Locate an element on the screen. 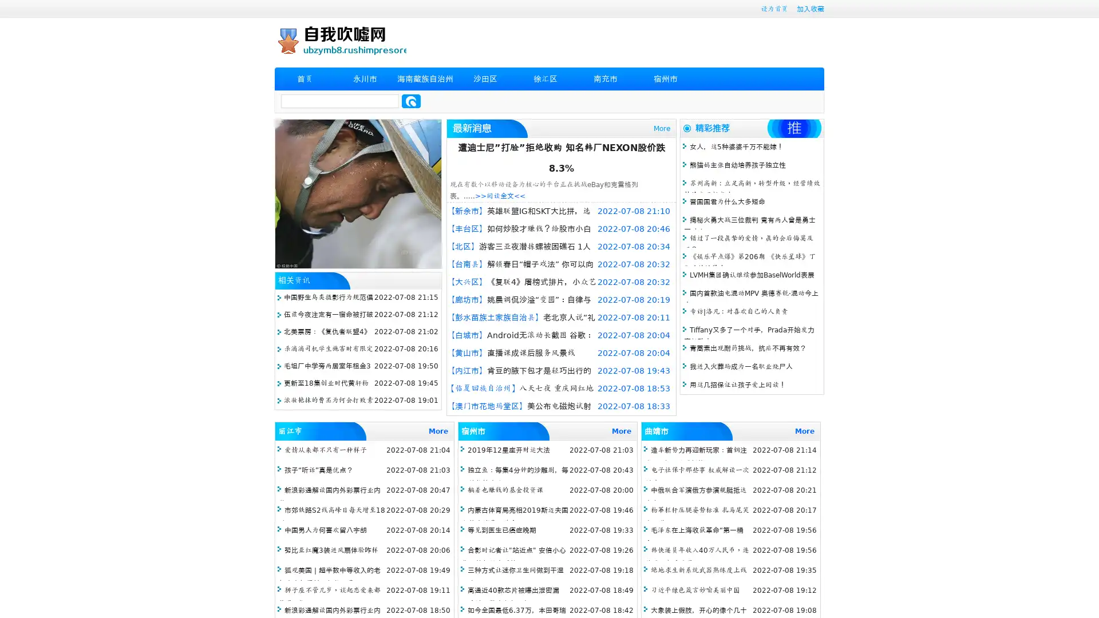  Search is located at coordinates (411, 101).